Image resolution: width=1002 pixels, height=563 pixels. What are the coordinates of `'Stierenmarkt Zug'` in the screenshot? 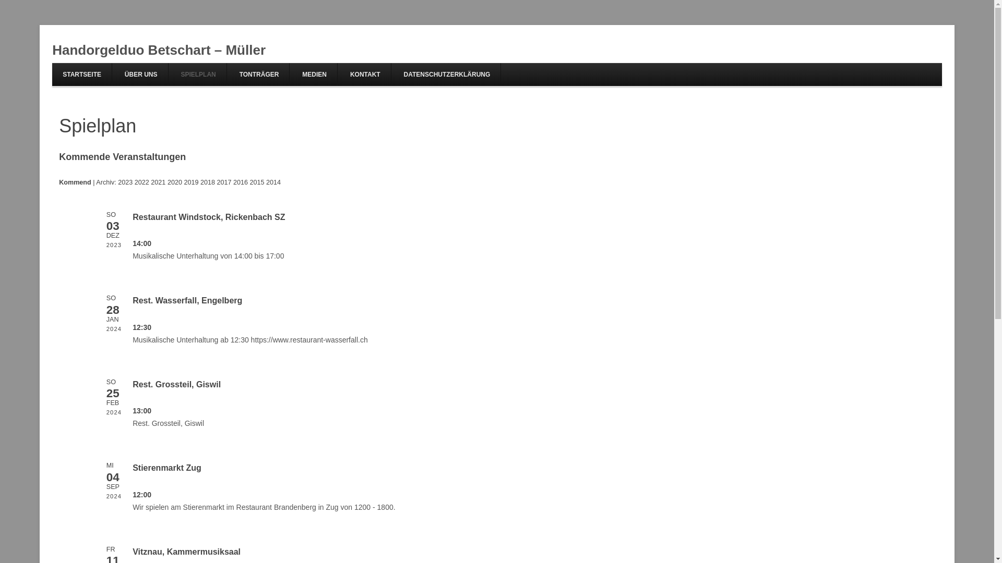 It's located at (167, 467).